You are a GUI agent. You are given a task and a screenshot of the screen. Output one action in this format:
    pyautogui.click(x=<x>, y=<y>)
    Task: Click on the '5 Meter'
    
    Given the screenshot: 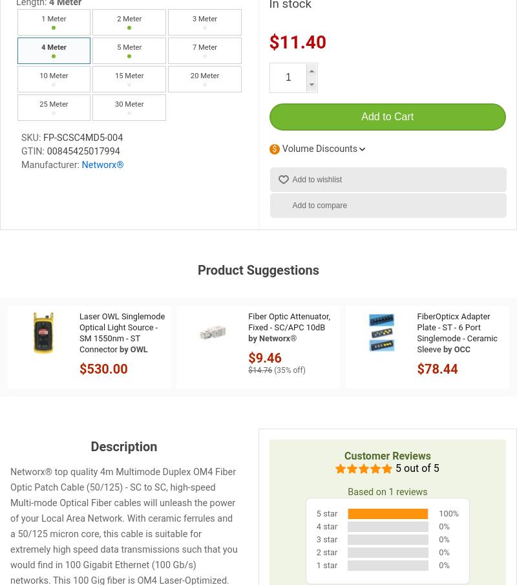 What is the action you would take?
    pyautogui.click(x=129, y=47)
    